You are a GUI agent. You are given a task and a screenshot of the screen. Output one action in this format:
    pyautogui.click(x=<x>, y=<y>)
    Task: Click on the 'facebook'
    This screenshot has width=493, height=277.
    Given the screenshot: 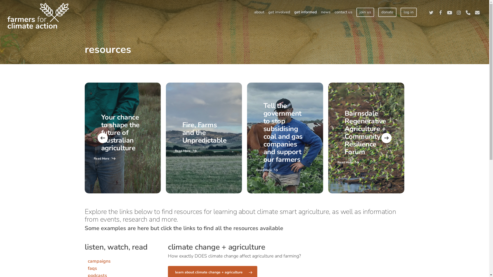 What is the action you would take?
    pyautogui.click(x=440, y=12)
    